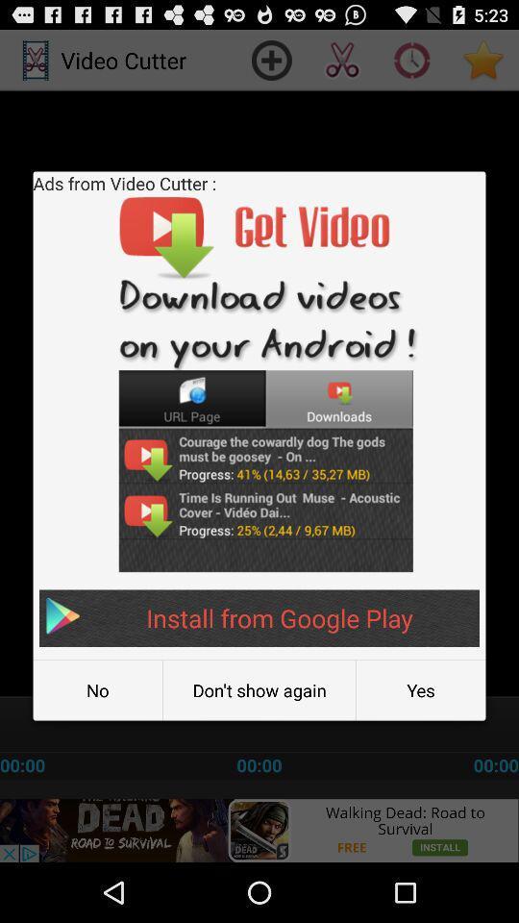  Describe the element at coordinates (96, 690) in the screenshot. I see `the icon to the left of the don t show item` at that location.